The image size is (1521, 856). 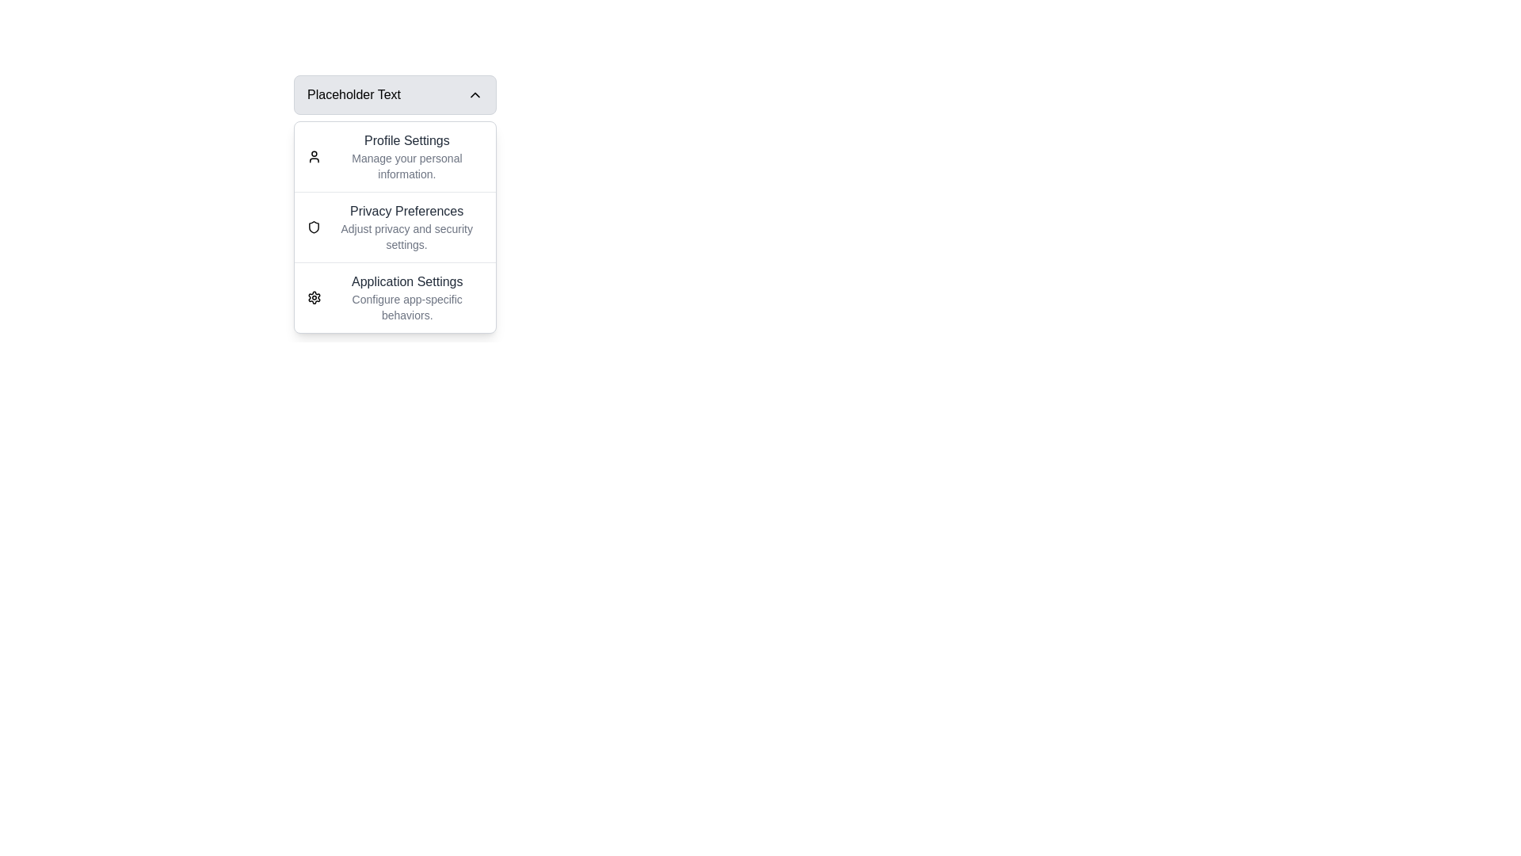 I want to click on the 'Privacy Preferences' menu item, which features a bold header and a shield icon, so click(x=395, y=226).